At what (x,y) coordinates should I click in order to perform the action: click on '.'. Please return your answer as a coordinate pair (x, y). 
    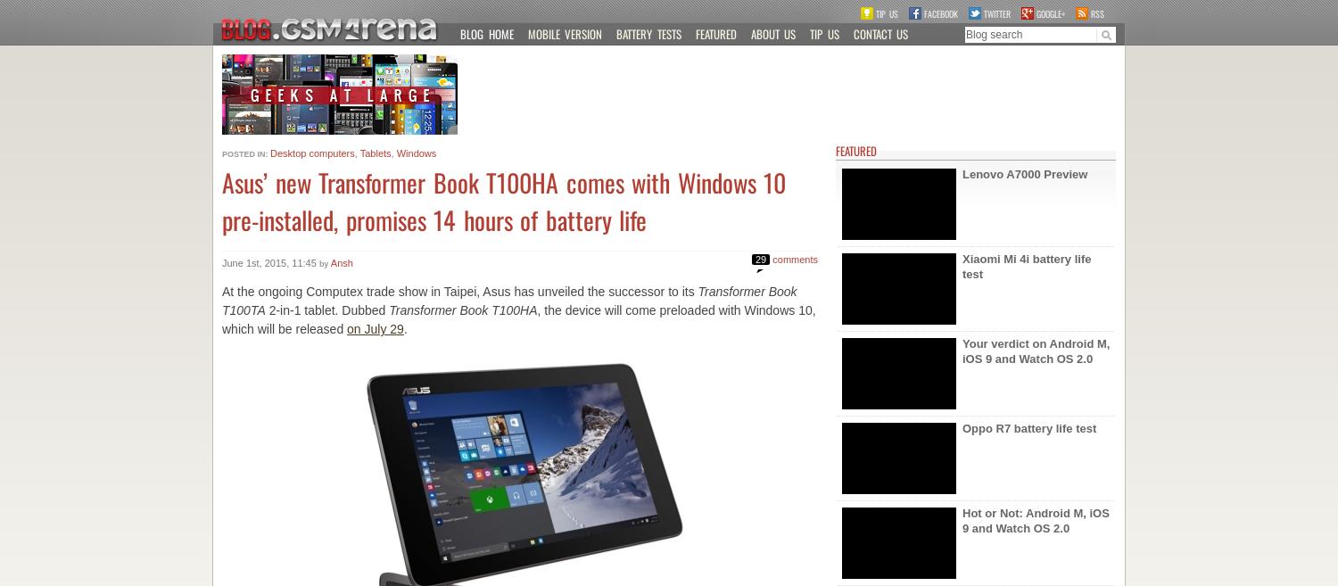
    Looking at the image, I should click on (404, 327).